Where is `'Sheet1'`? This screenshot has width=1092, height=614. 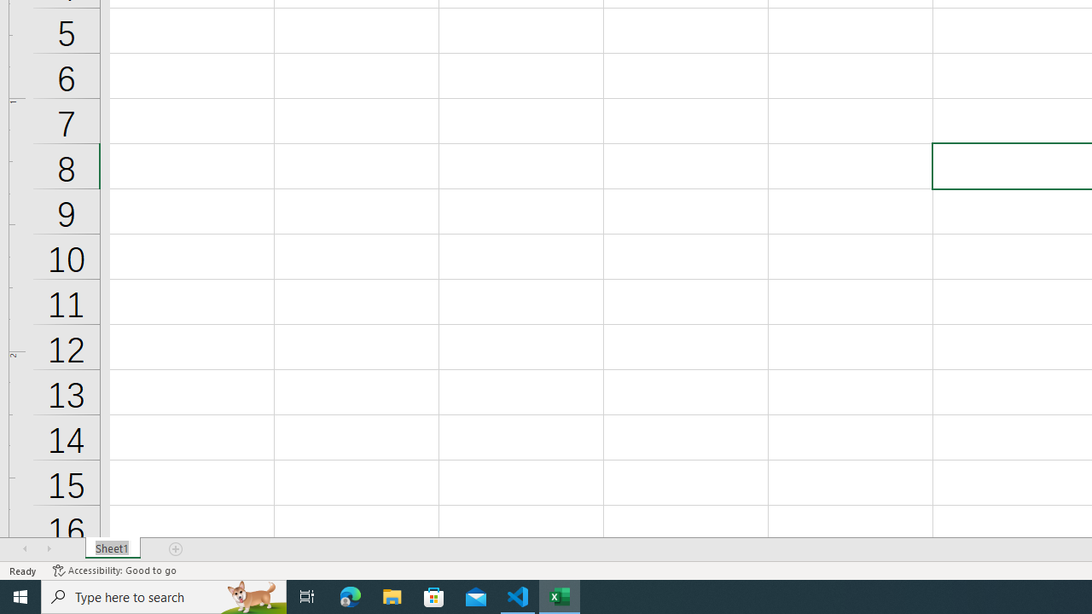
'Sheet1' is located at coordinates (112, 549).